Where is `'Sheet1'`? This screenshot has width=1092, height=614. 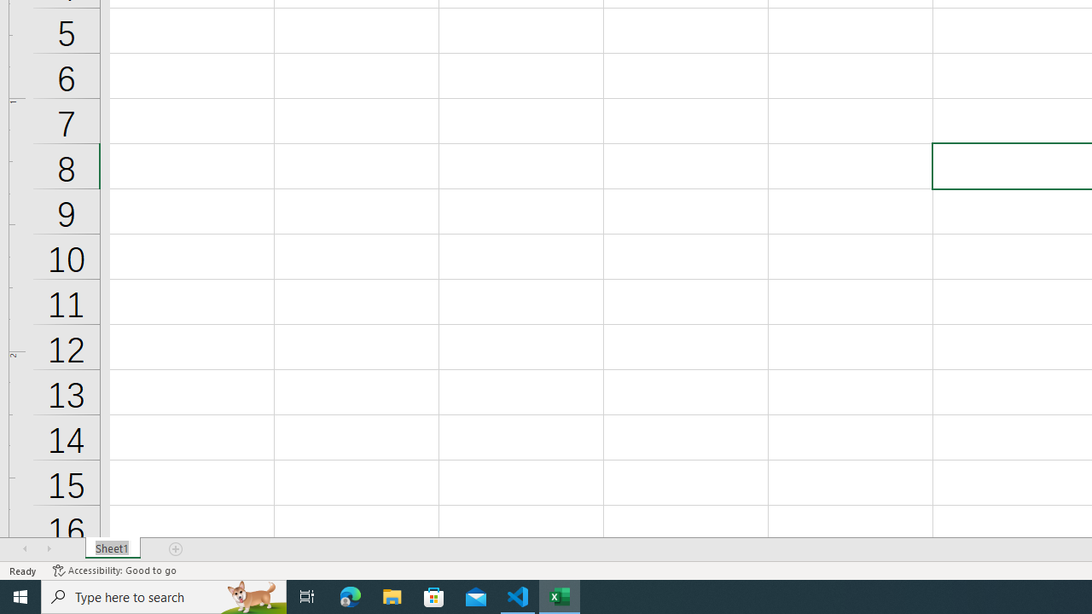
'Sheet1' is located at coordinates (112, 549).